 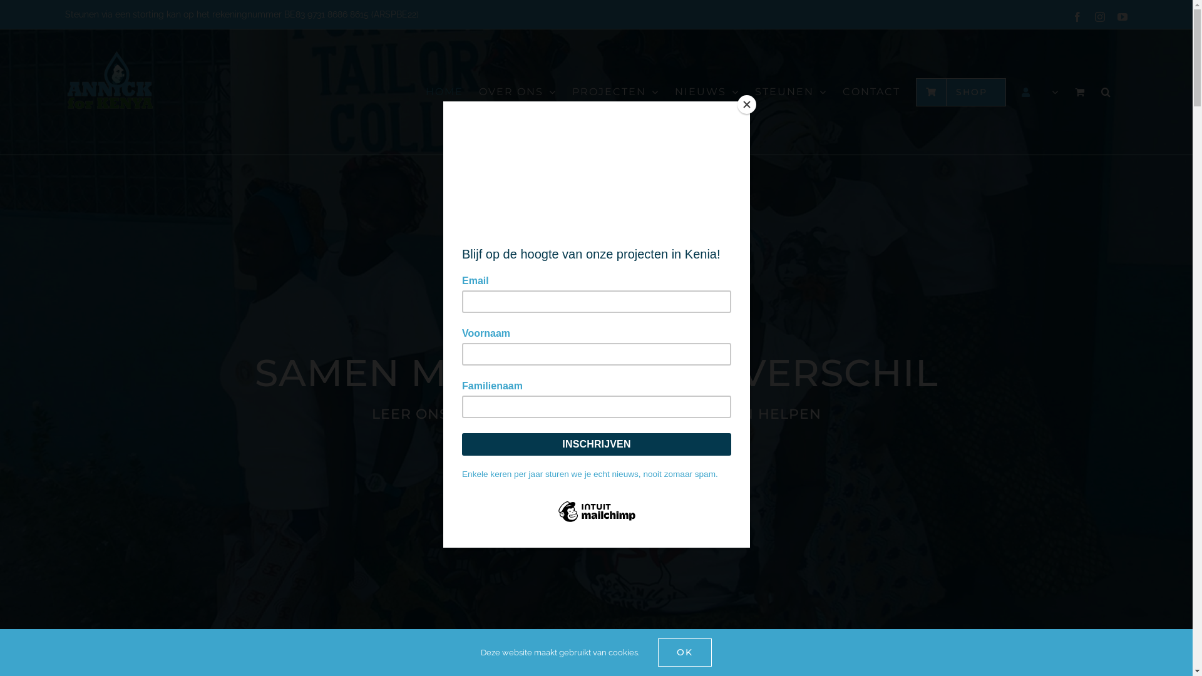 What do you see at coordinates (571, 91) in the screenshot?
I see `'PROJECTEN'` at bounding box center [571, 91].